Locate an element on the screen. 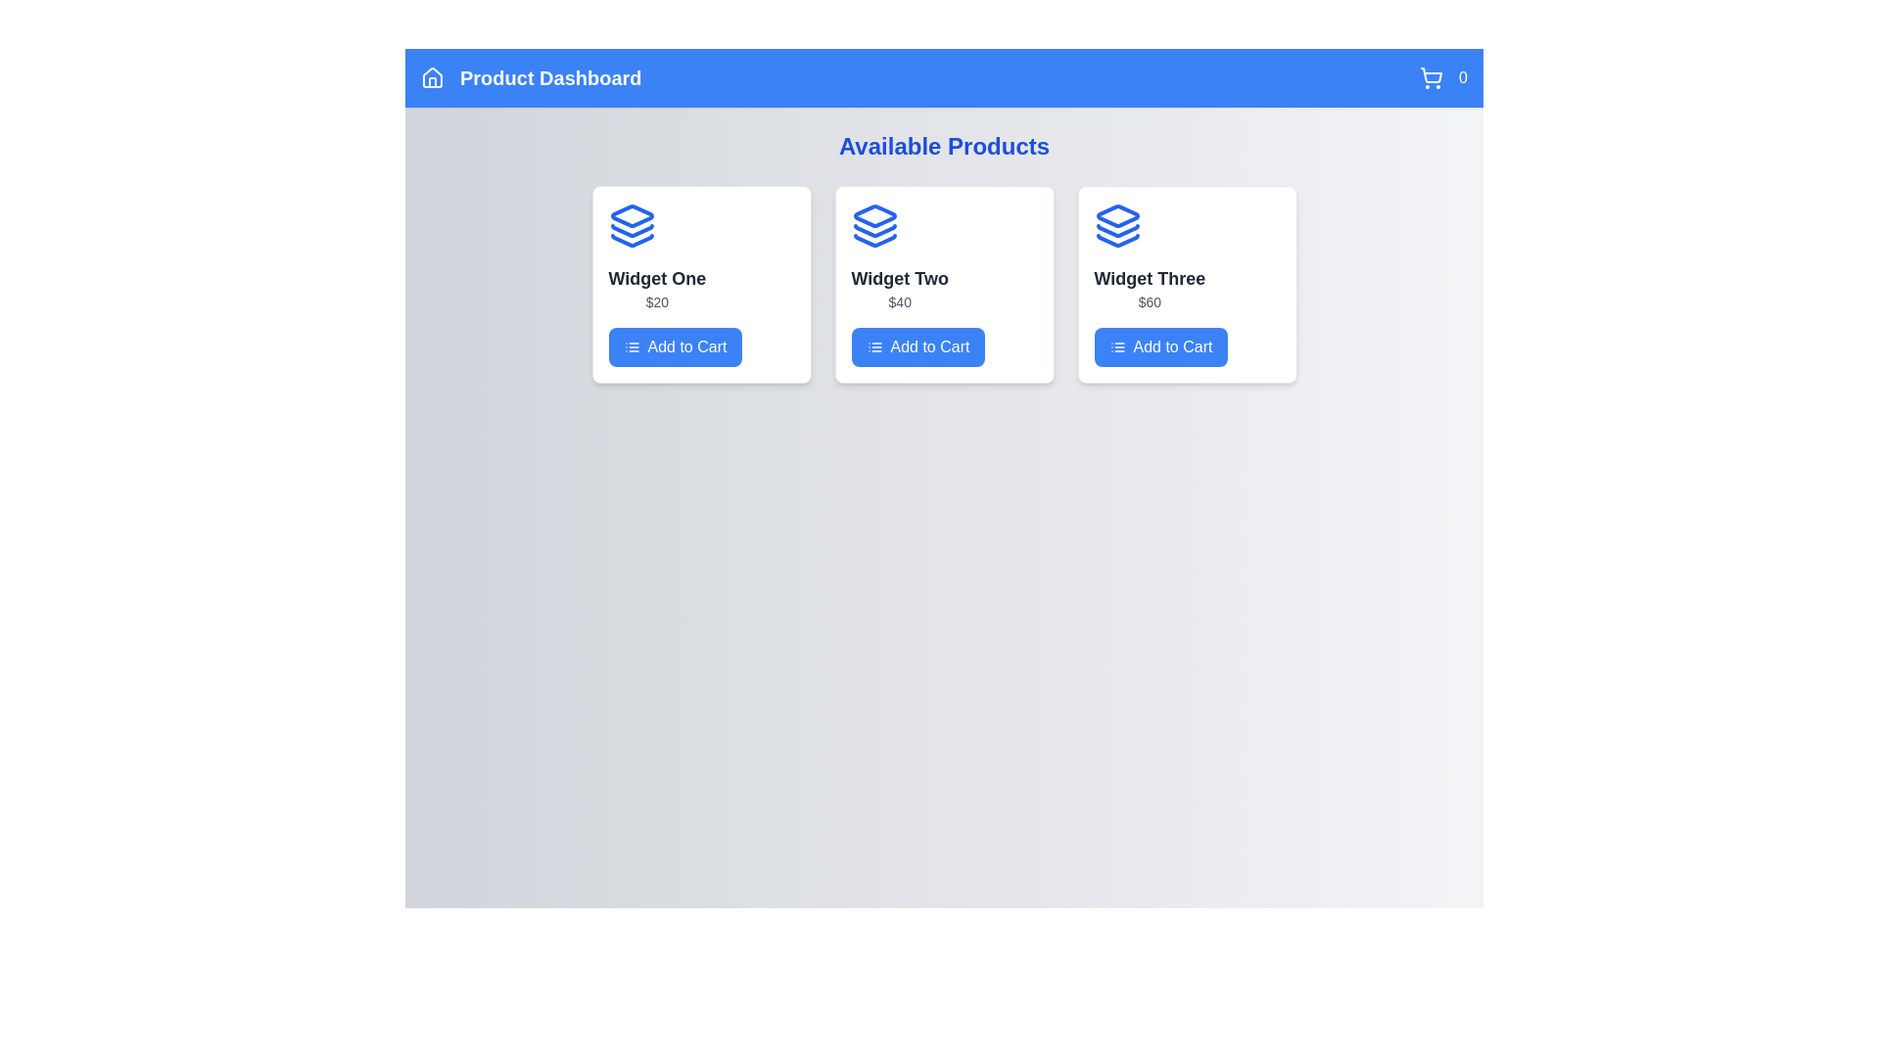  the shopping cart icon on the far-right side of the blue header bar is located at coordinates (1443, 77).